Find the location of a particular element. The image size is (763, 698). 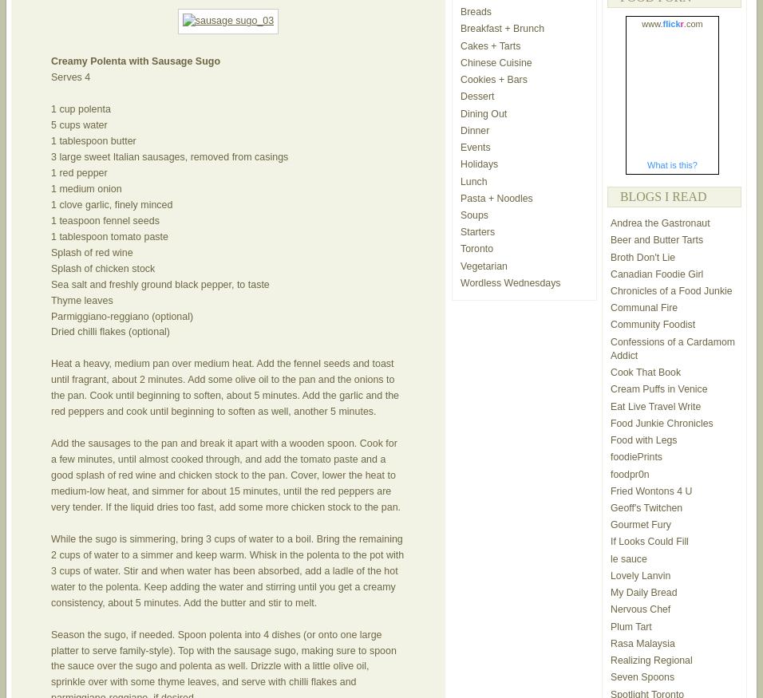

'Realizing Regional' is located at coordinates (650, 661).